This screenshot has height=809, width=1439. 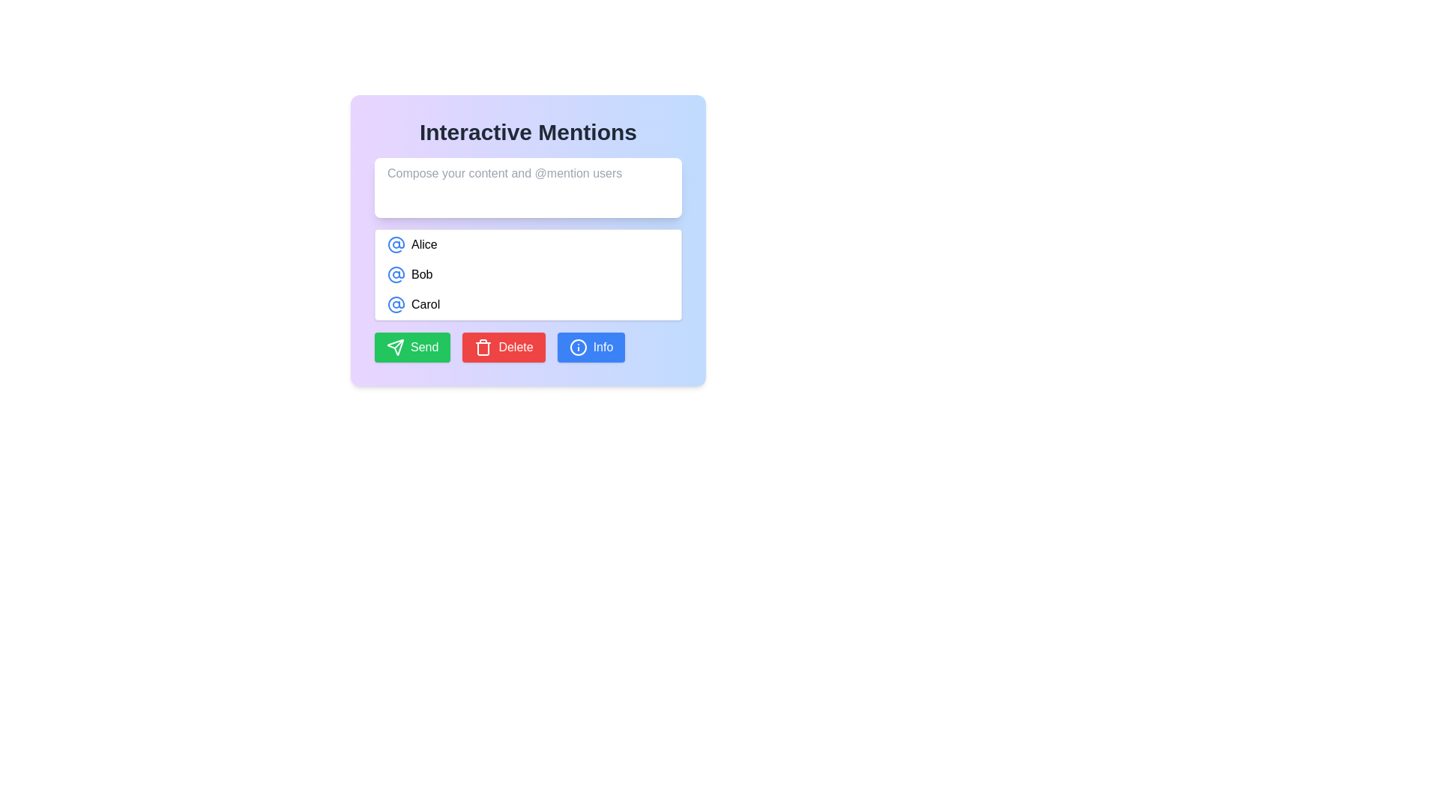 What do you see at coordinates (577, 347) in the screenshot?
I see `the blue circular element with a white border that is part of the 'Info' button located at the bottom right corner of the card layout` at bounding box center [577, 347].